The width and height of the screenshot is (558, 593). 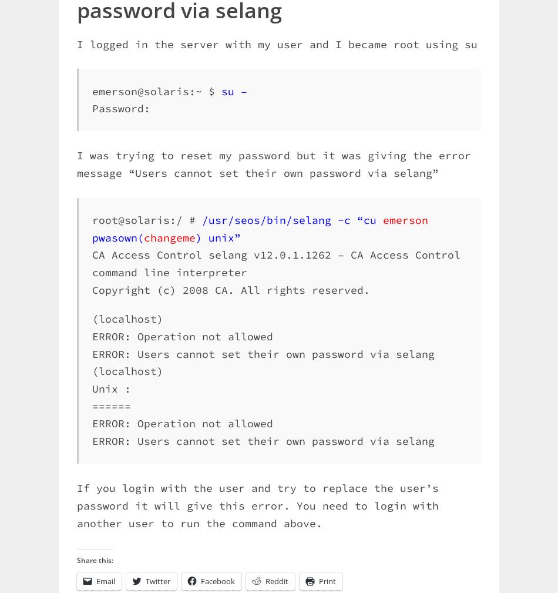 I want to click on 'Facebook', so click(x=217, y=581).